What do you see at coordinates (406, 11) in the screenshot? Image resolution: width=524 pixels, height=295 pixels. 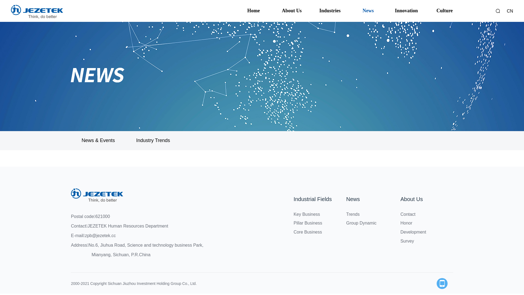 I see `'Innovation` at bounding box center [406, 11].